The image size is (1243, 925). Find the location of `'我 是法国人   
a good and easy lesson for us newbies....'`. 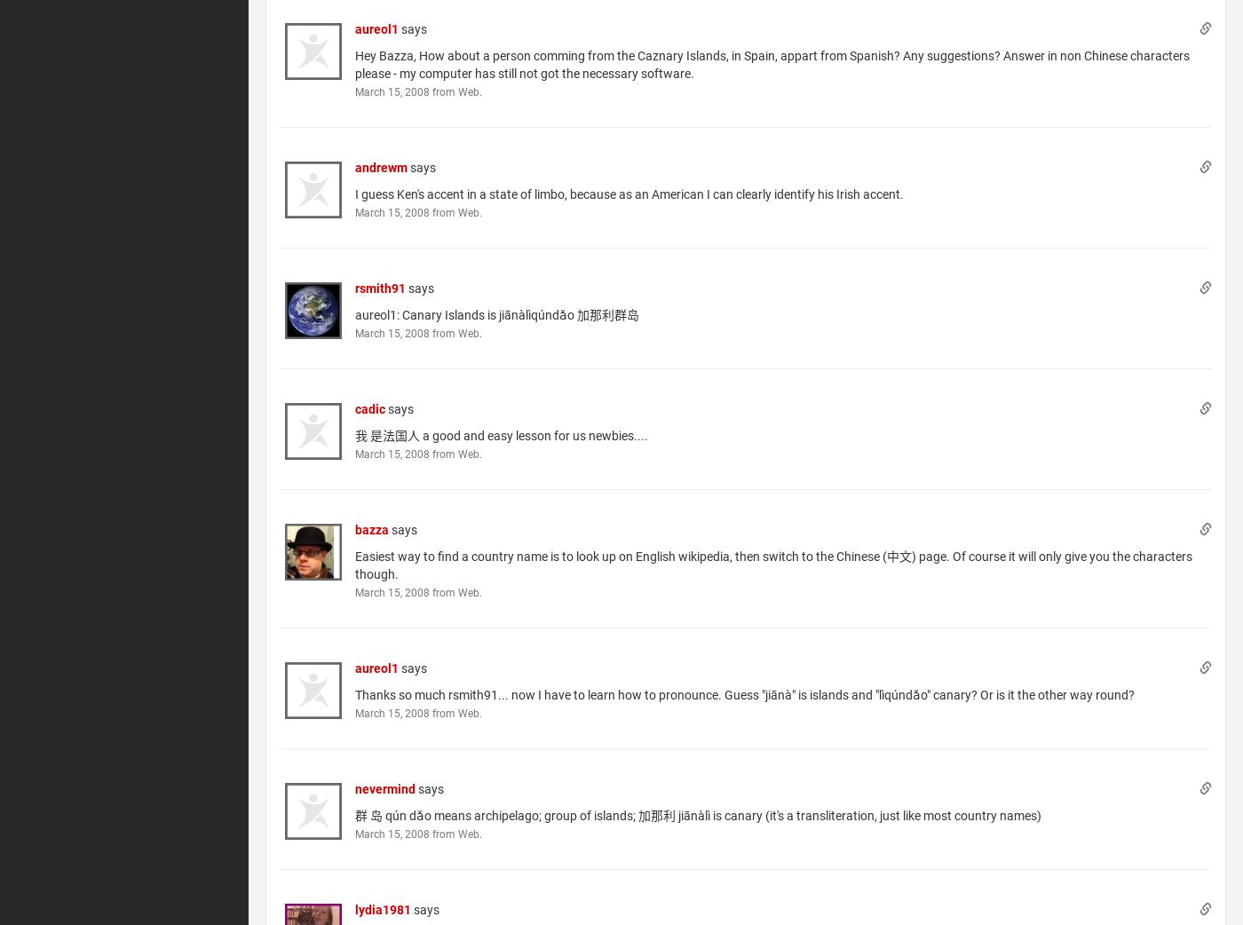

'我 是法国人   
a good and easy lesson for us newbies....' is located at coordinates (353, 434).